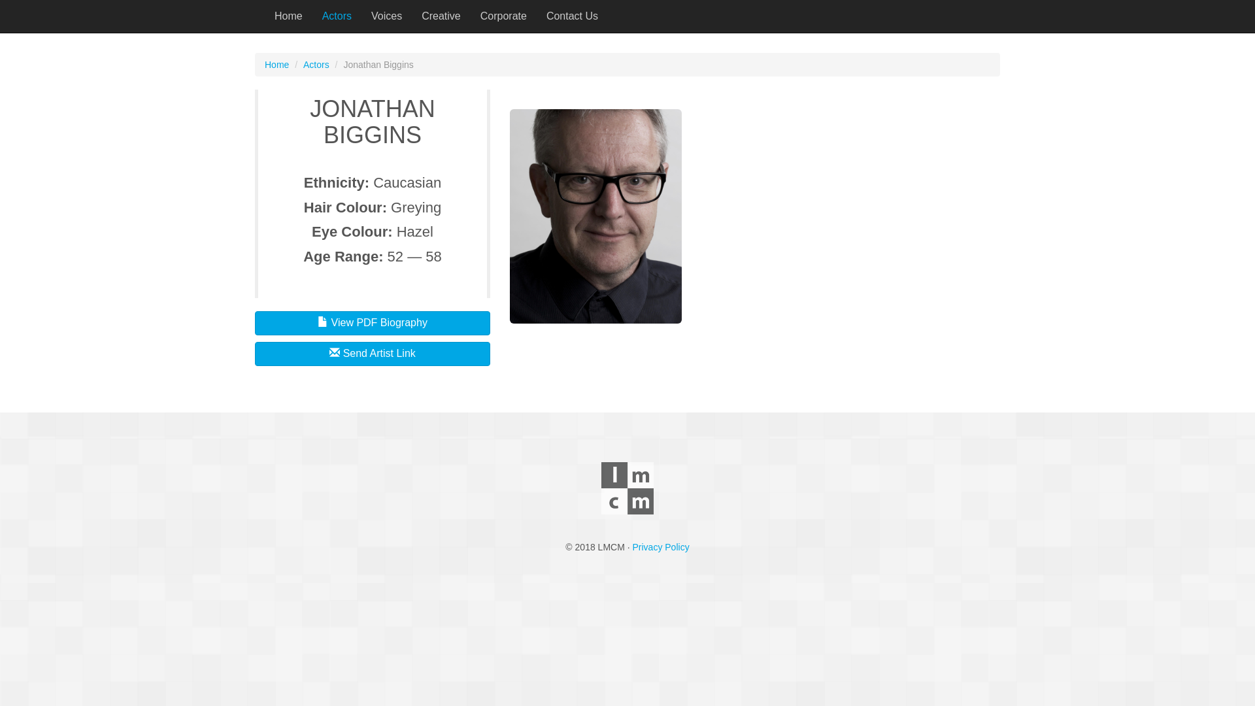  I want to click on 'Voices', so click(386, 16).